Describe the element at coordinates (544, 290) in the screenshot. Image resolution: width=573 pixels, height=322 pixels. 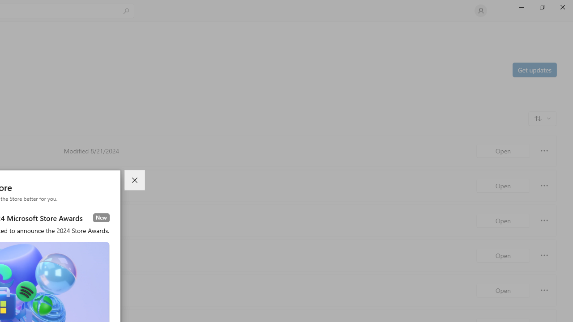
I see `'More options'` at that location.